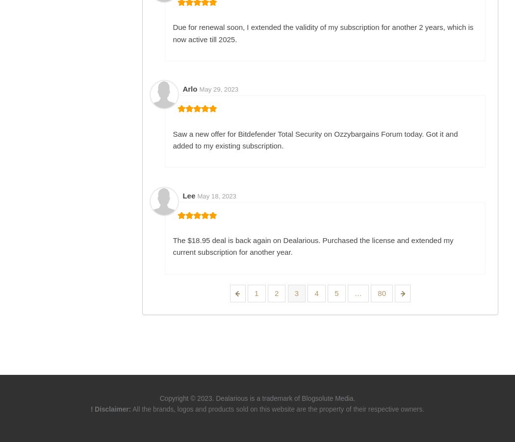 Image resolution: width=515 pixels, height=442 pixels. I want to click on '1', so click(256, 293).